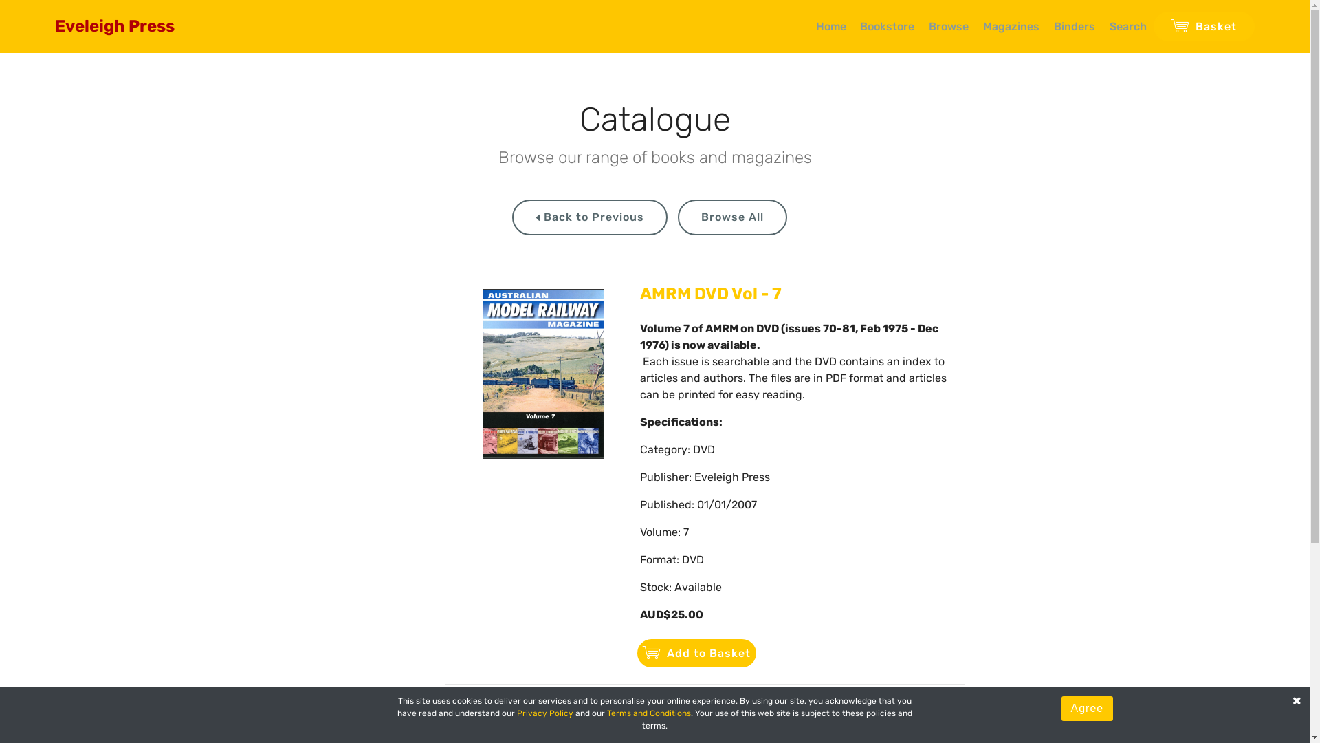 This screenshot has height=743, width=1320. What do you see at coordinates (1074, 26) in the screenshot?
I see `'Binders'` at bounding box center [1074, 26].